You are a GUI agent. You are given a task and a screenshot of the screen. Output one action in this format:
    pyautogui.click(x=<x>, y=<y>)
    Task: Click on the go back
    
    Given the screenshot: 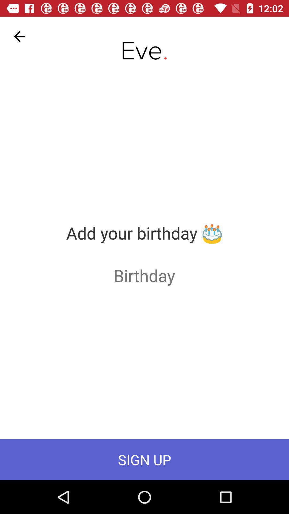 What is the action you would take?
    pyautogui.click(x=19, y=36)
    